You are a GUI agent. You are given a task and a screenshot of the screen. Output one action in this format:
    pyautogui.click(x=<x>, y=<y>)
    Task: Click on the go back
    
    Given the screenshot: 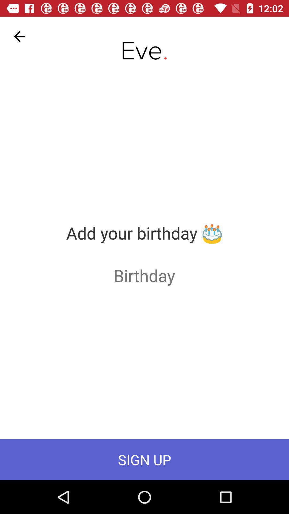 What is the action you would take?
    pyautogui.click(x=19, y=36)
    